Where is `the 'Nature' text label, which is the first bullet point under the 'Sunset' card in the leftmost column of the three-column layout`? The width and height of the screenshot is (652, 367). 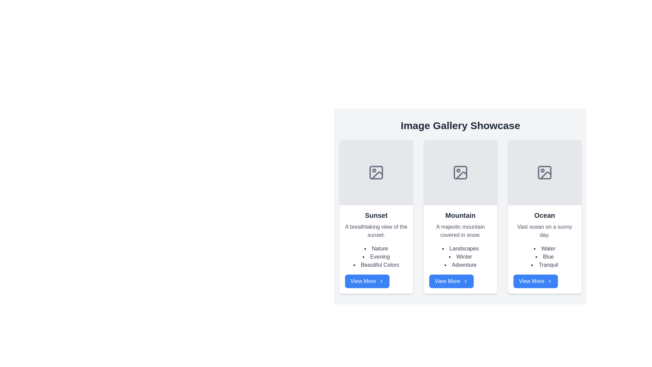 the 'Nature' text label, which is the first bullet point under the 'Sunset' card in the leftmost column of the three-column layout is located at coordinates (376, 249).